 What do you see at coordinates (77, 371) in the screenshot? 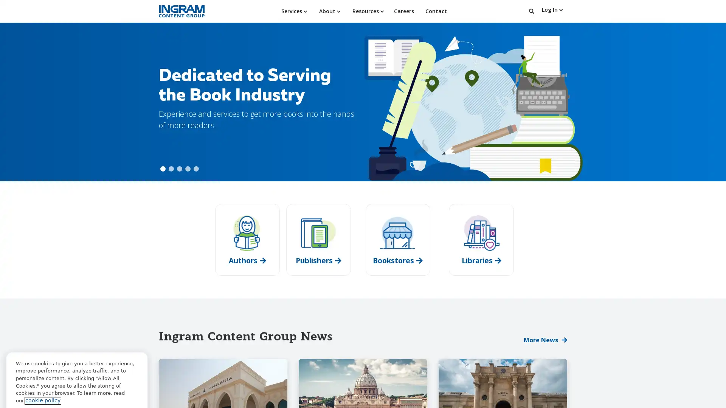
I see `Allow All Cookies` at bounding box center [77, 371].